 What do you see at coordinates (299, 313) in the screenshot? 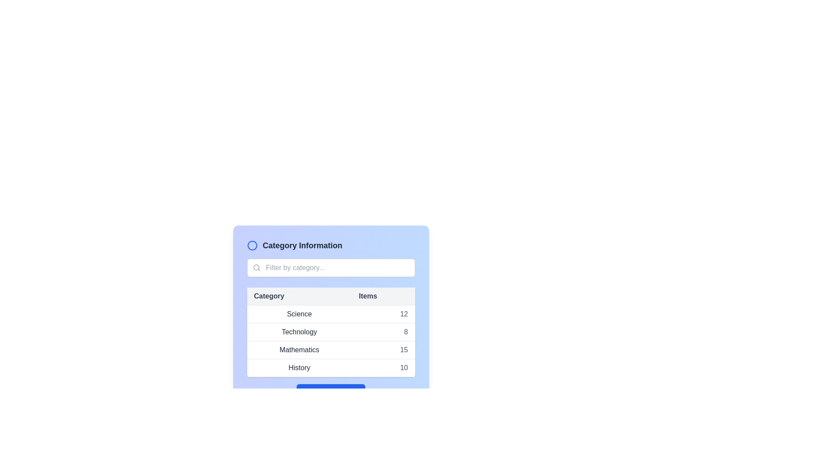
I see `the 'Science' category label in the table, which is located in the 'Category' column and positioned to the left of the numerical value (12)` at bounding box center [299, 313].